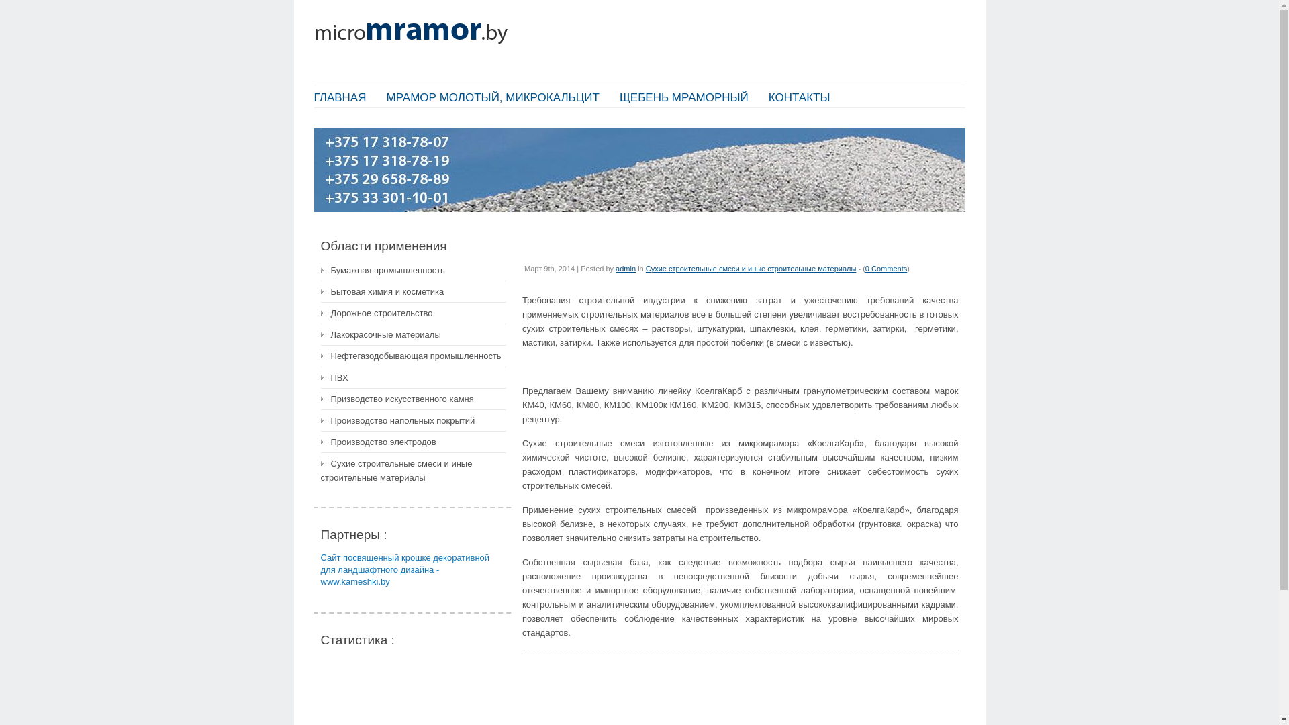  Describe the element at coordinates (624, 269) in the screenshot. I see `'admin'` at that location.